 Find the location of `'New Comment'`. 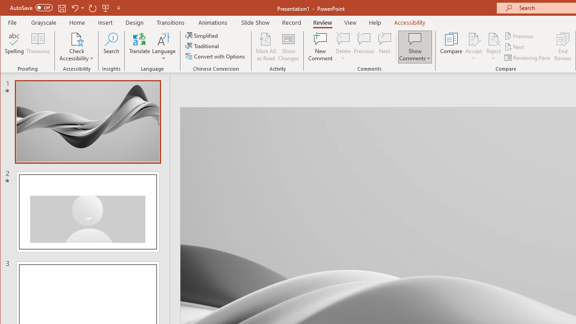

'New Comment' is located at coordinates (320, 47).